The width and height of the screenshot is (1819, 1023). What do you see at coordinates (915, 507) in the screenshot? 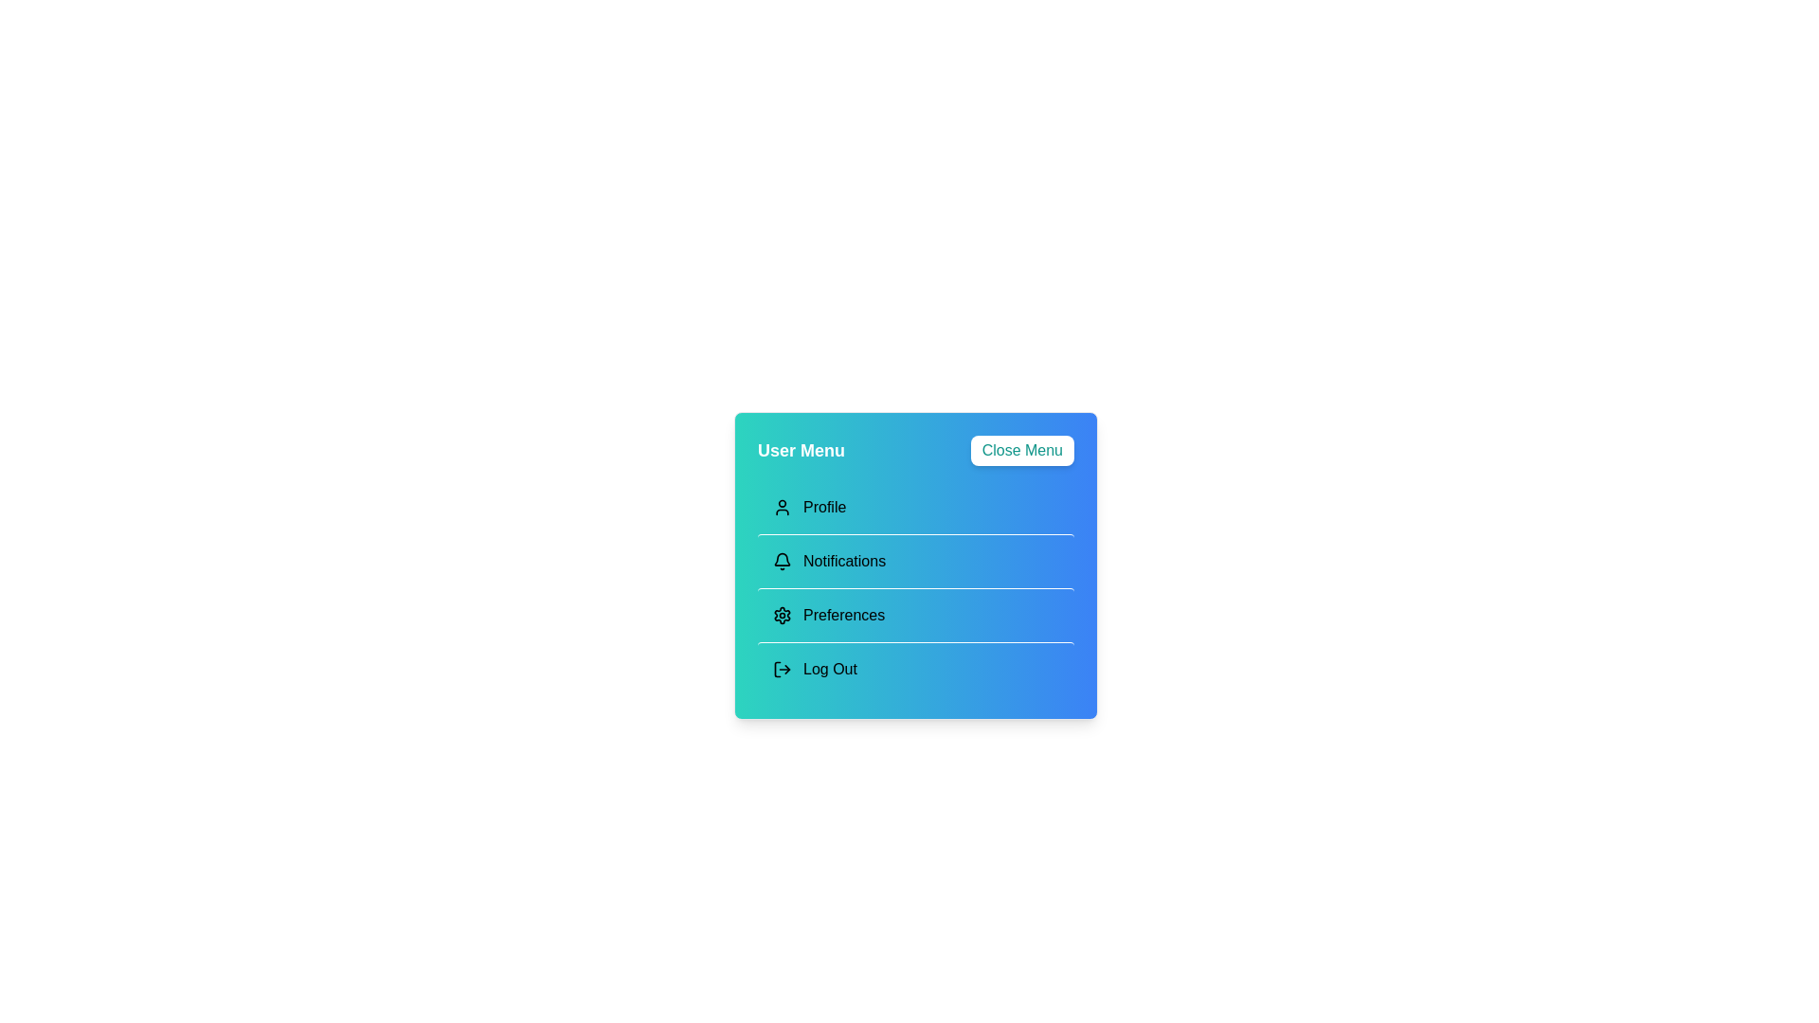
I see `the menu option Profile by clicking on its corresponding area` at bounding box center [915, 507].